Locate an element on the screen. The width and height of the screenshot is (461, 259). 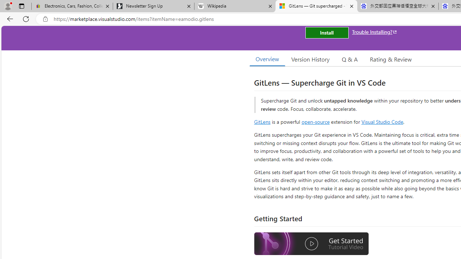
'Version History' is located at coordinates (310, 59).